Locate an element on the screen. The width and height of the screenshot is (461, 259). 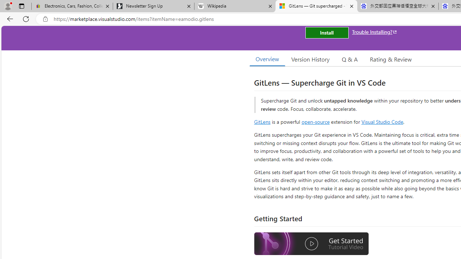
'Version History' is located at coordinates (310, 59).